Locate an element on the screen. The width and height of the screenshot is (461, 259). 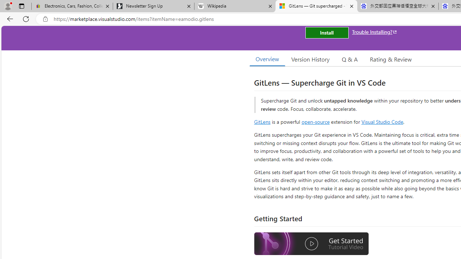
'Version History' is located at coordinates (310, 59).